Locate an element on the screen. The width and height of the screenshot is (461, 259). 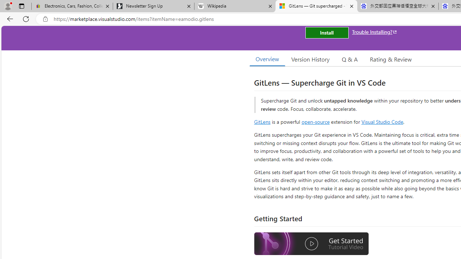
'Version History' is located at coordinates (310, 59).